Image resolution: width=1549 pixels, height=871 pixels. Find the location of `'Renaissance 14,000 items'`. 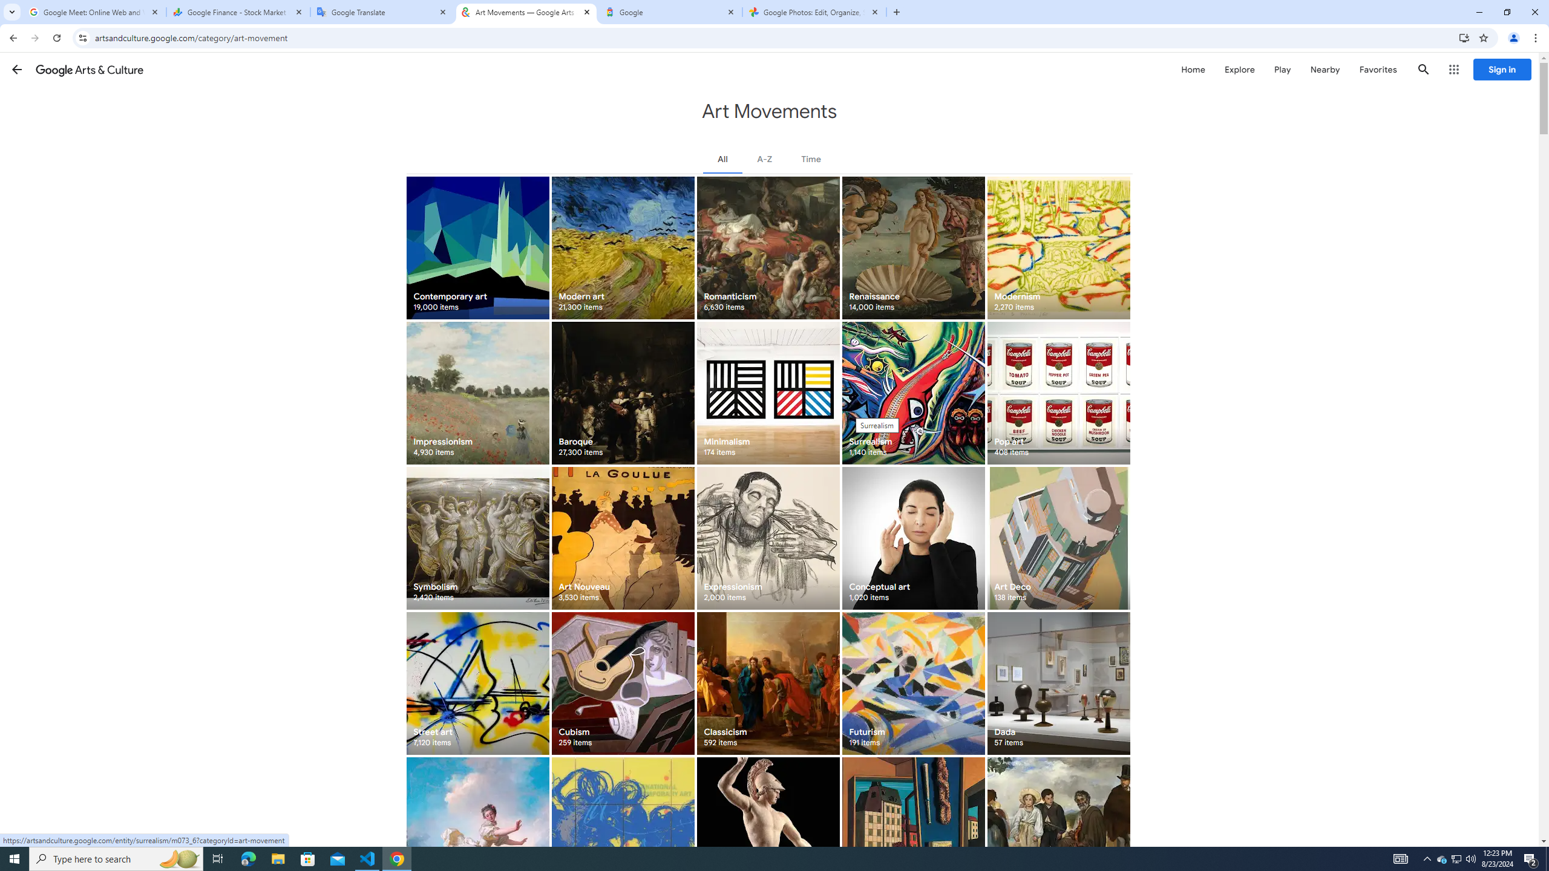

'Renaissance 14,000 items' is located at coordinates (912, 247).